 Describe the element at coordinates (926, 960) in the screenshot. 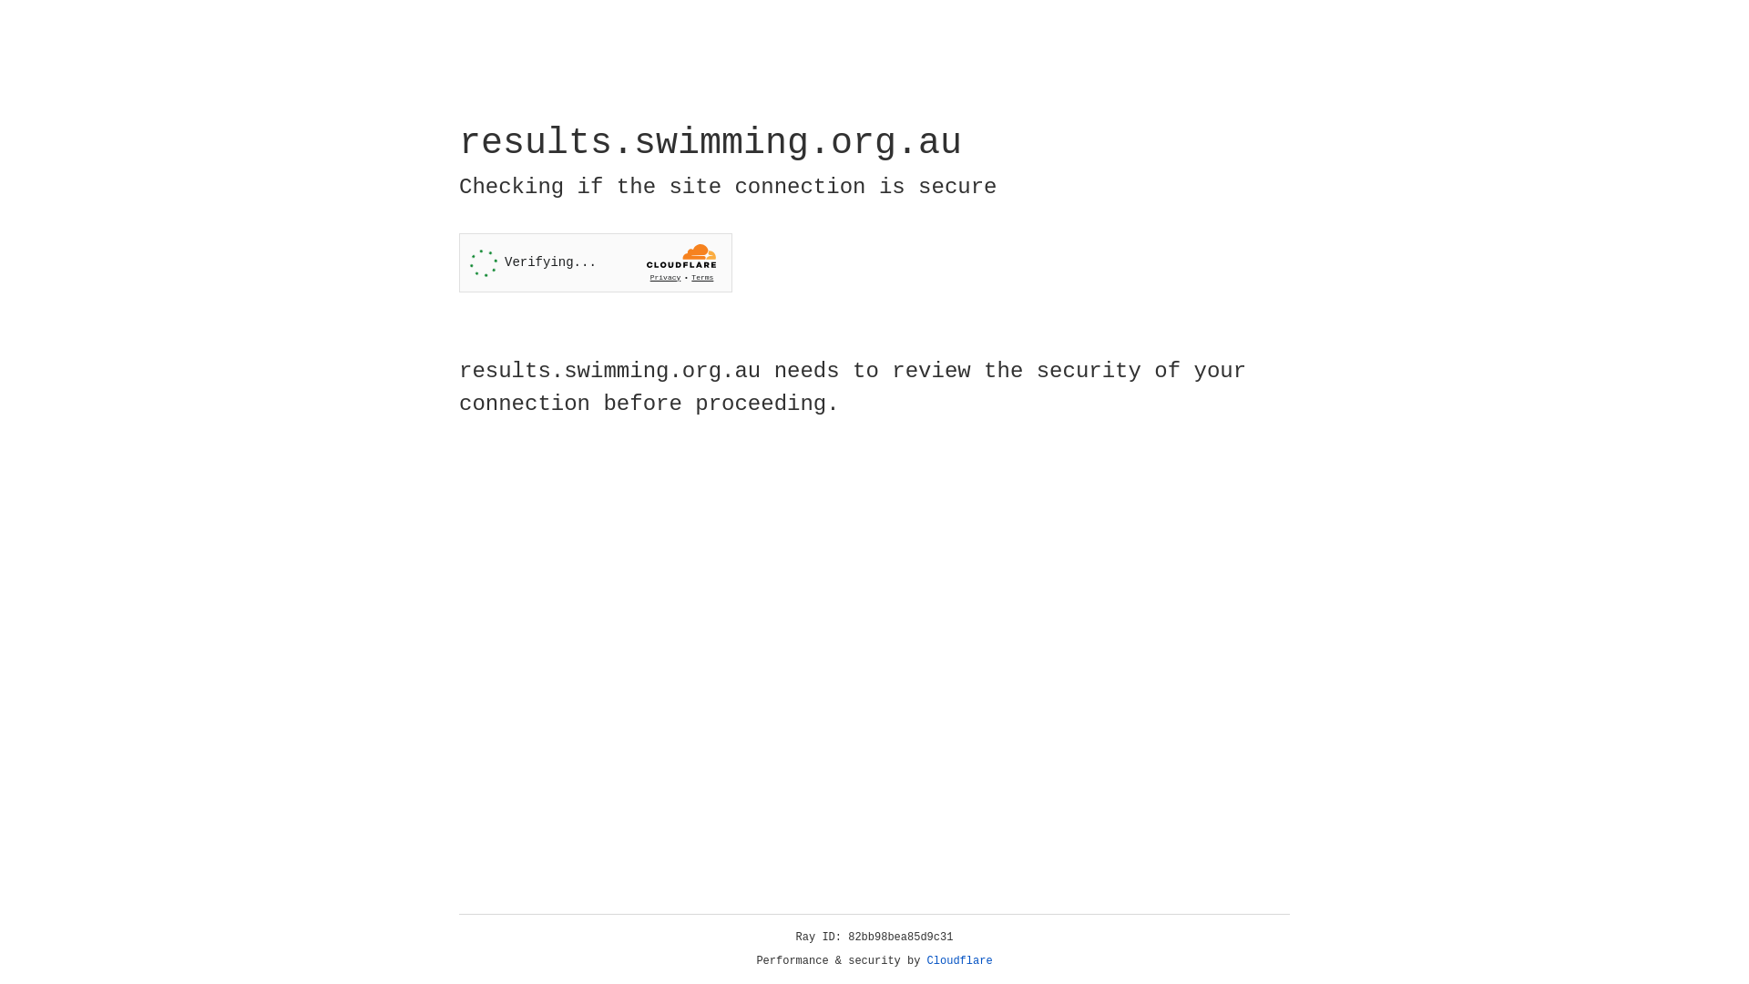

I see `'Cloudflare'` at that location.